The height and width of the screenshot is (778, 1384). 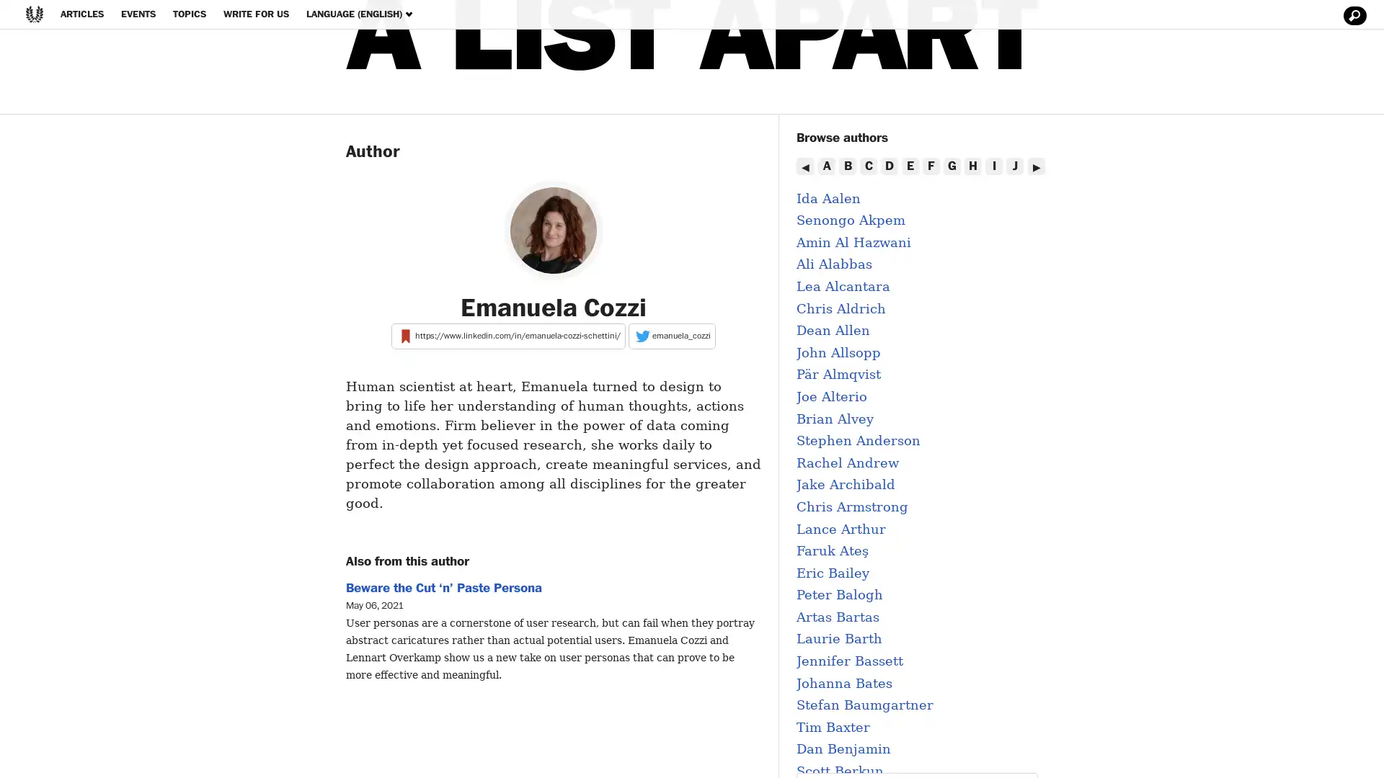 What do you see at coordinates (1352, 16) in the screenshot?
I see `Search` at bounding box center [1352, 16].